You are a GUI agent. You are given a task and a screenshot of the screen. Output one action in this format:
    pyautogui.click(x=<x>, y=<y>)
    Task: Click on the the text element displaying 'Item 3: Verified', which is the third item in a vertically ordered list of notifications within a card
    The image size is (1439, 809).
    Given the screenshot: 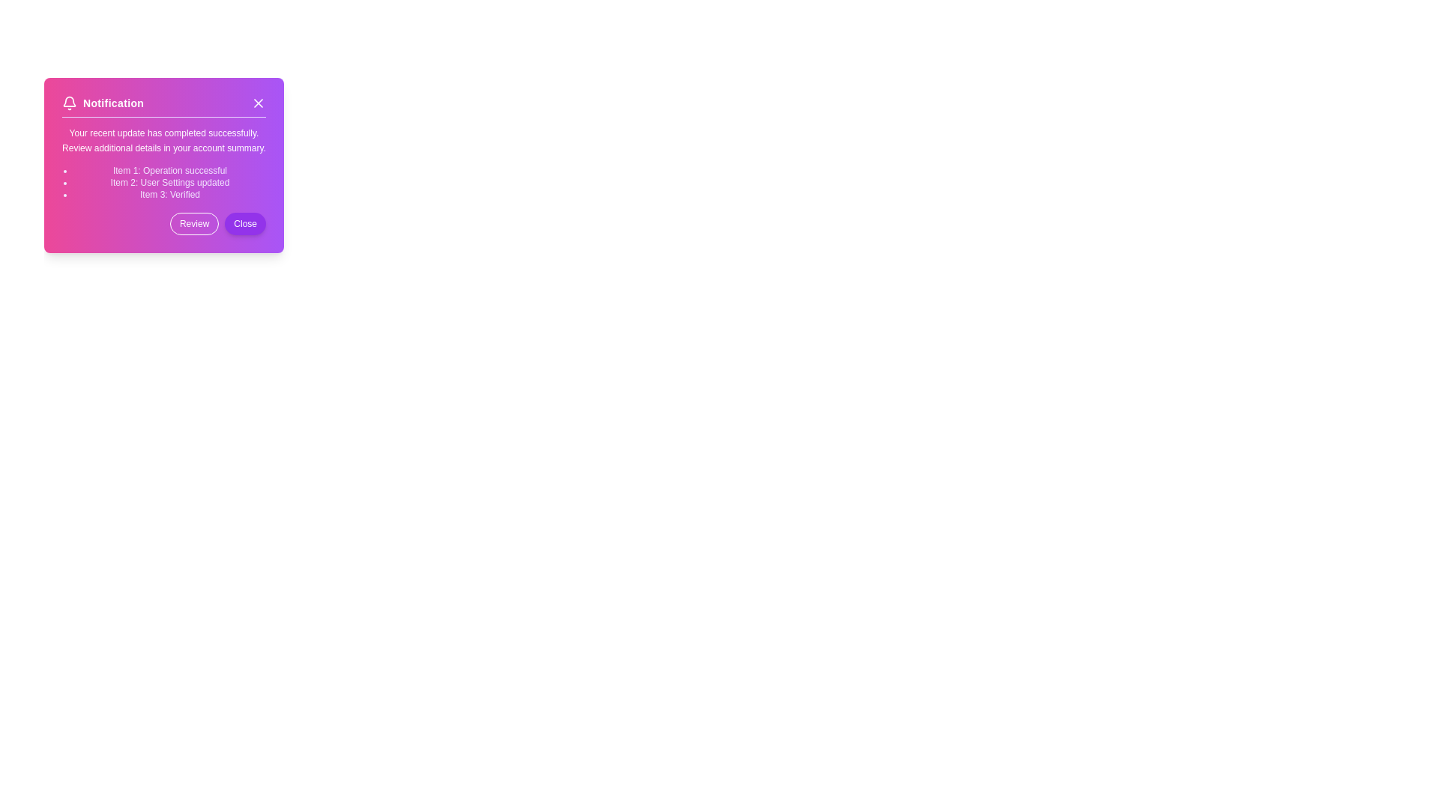 What is the action you would take?
    pyautogui.click(x=169, y=193)
    